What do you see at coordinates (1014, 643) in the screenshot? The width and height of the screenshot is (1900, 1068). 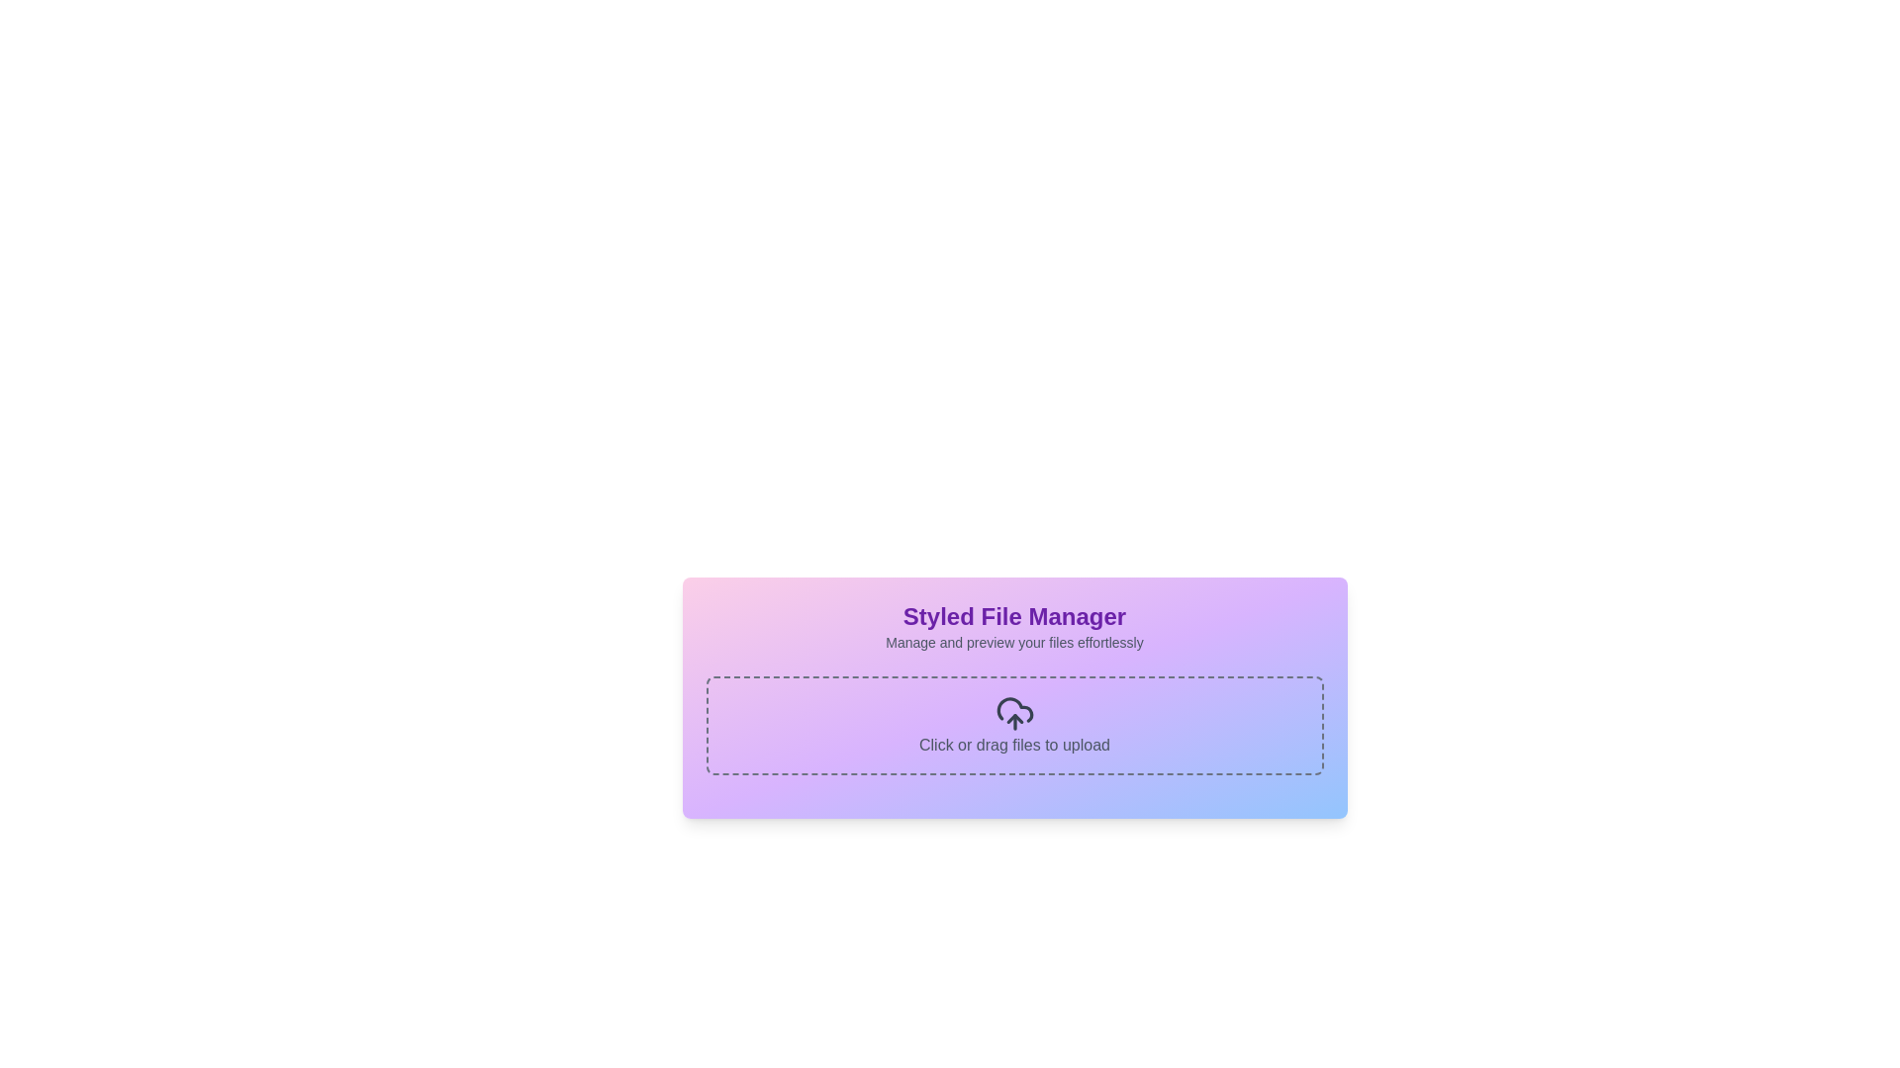 I see `the text element that reads 'Manage and preview your files effortlessly', which is displayed in a small-sized, gray font and positioned below the title 'Styled File Manager'` at bounding box center [1014, 643].